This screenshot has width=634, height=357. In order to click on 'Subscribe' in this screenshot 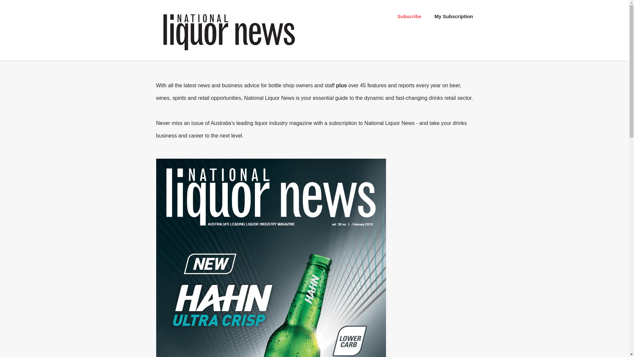, I will do `click(409, 16)`.